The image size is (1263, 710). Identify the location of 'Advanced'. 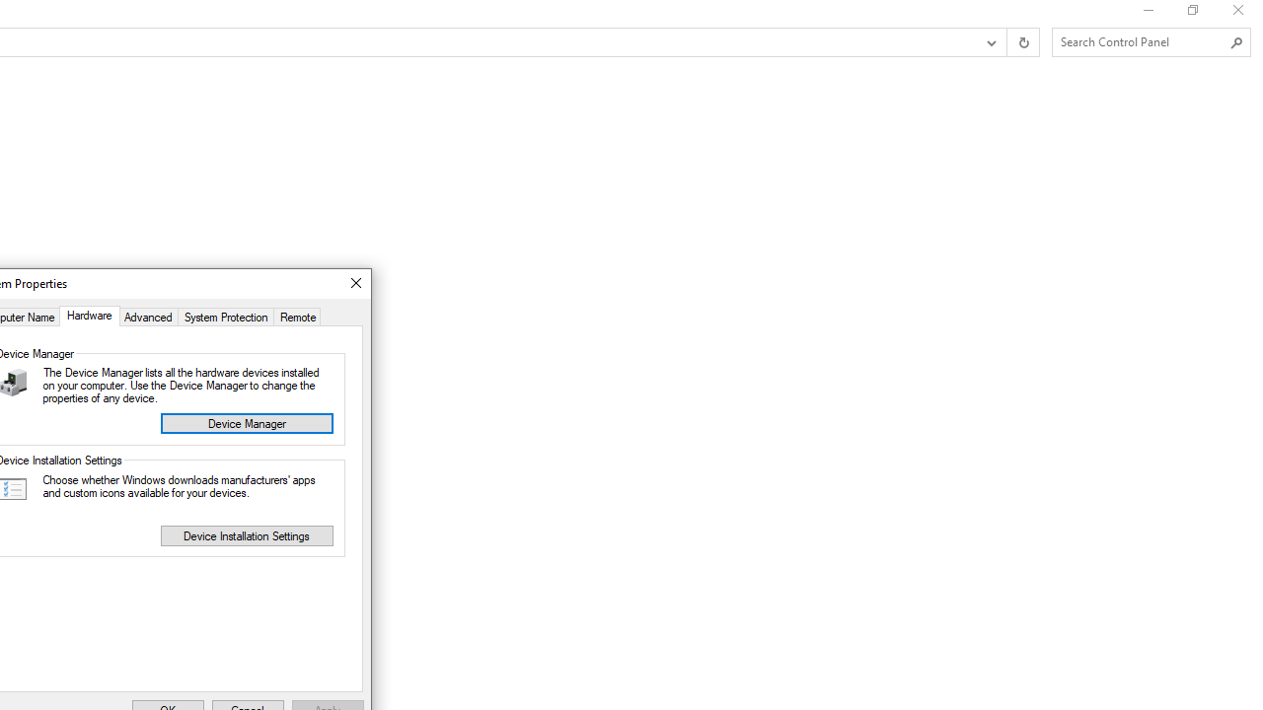
(147, 315).